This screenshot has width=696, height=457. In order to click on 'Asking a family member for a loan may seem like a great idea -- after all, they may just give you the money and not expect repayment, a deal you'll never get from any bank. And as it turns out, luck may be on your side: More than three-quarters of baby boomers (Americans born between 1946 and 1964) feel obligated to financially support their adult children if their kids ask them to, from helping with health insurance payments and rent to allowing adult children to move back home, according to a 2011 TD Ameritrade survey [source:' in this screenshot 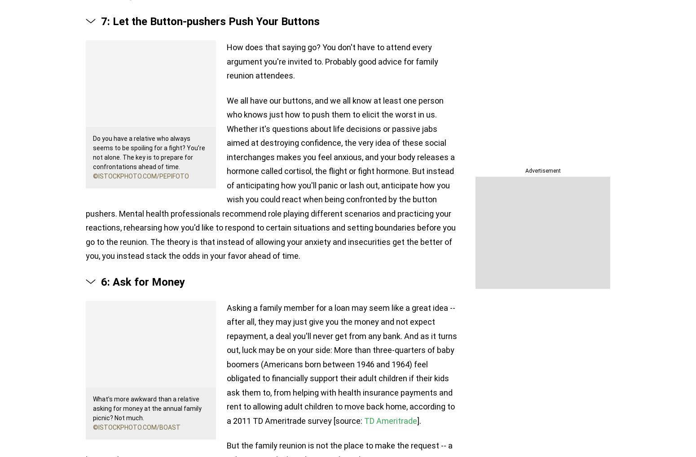, I will do `click(342, 364)`.